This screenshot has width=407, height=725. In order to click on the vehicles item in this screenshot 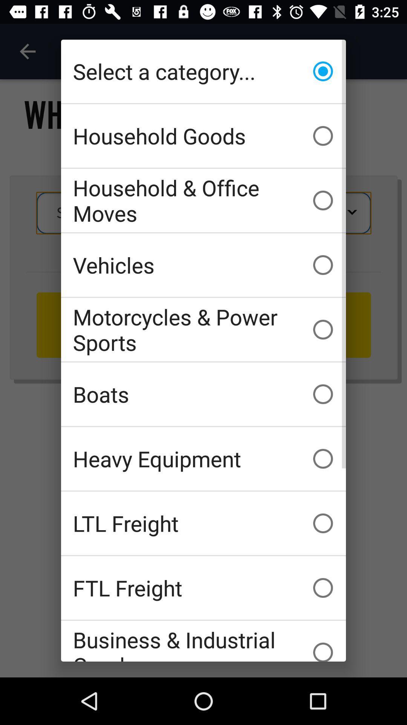, I will do `click(203, 265)`.